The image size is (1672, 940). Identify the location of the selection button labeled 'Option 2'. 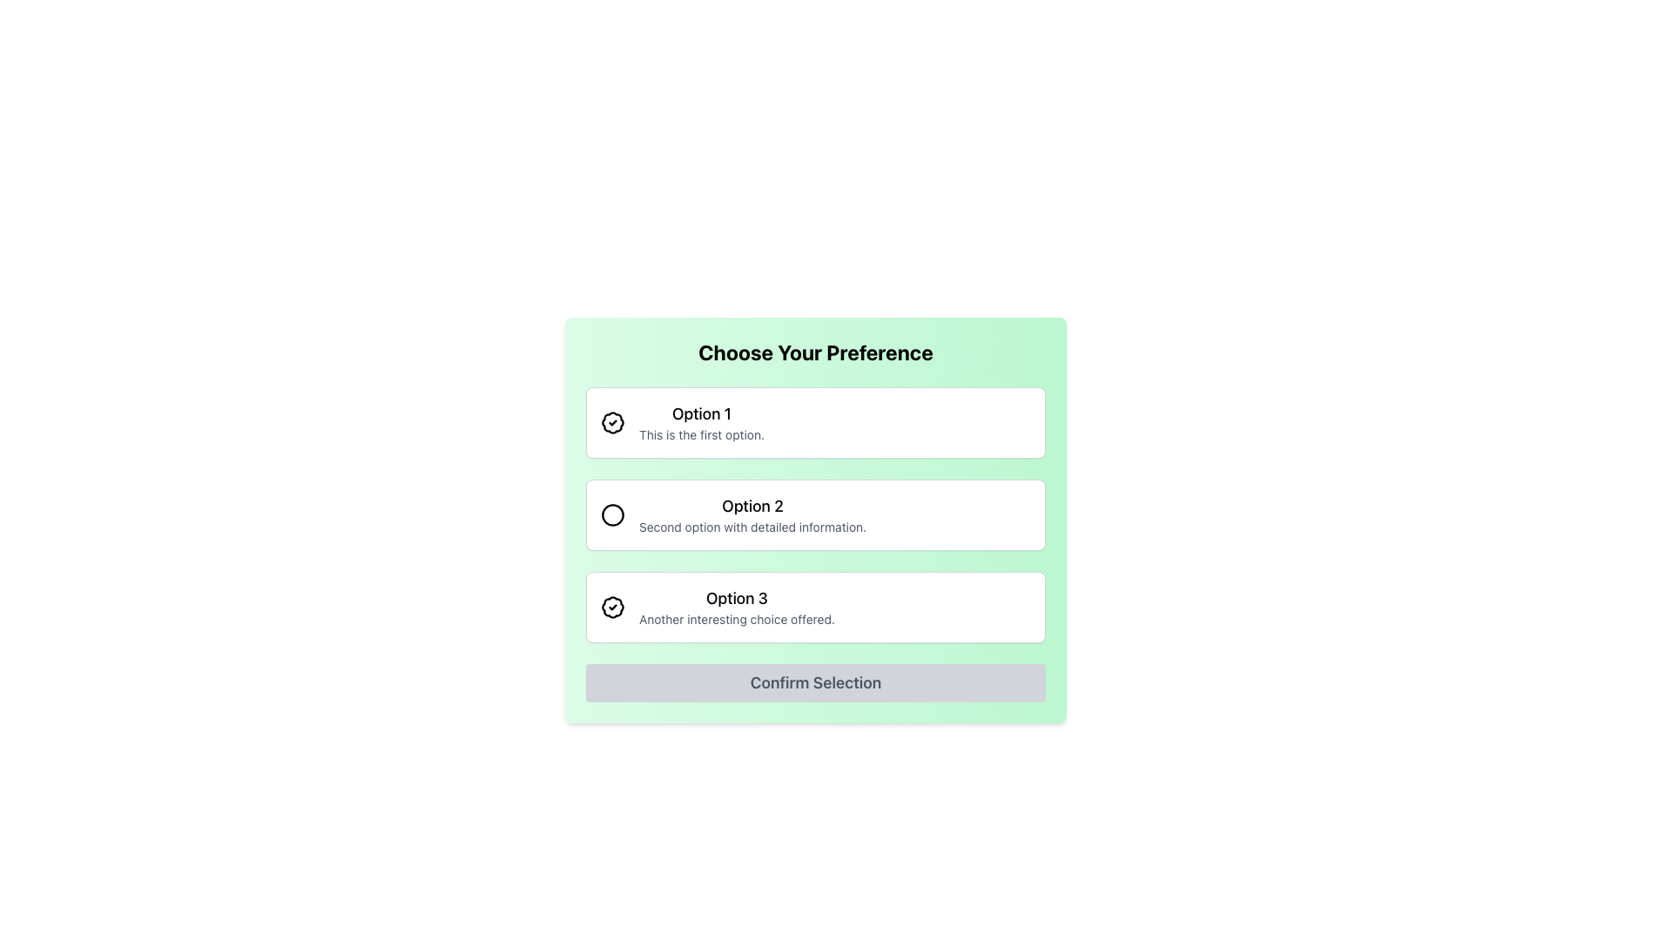
(814, 519).